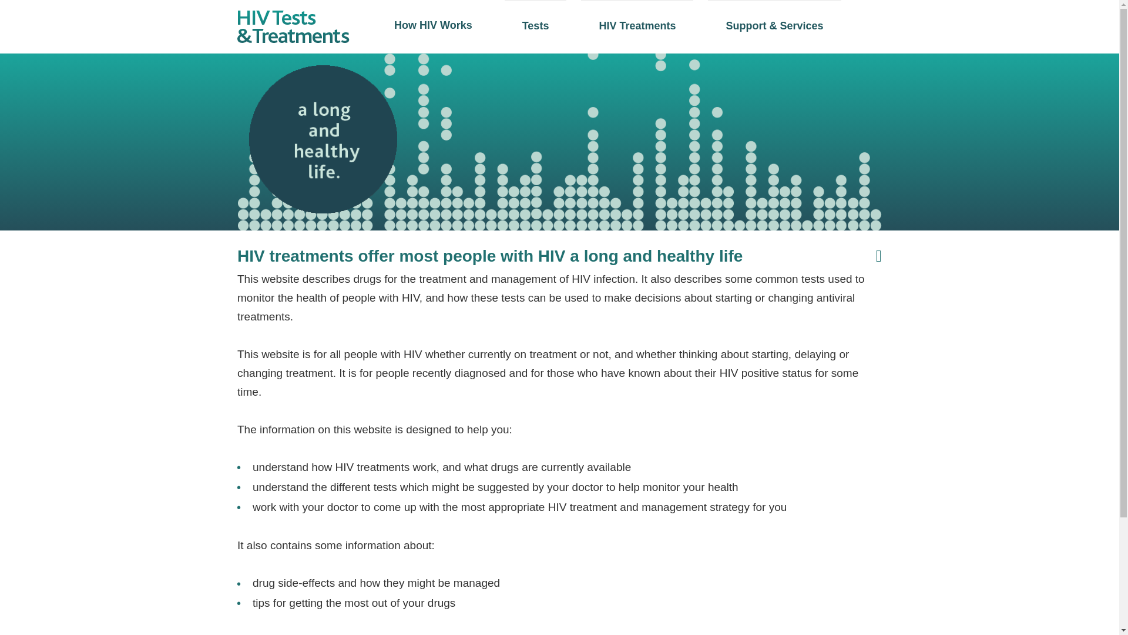 This screenshot has width=1128, height=635. Describe the element at coordinates (707, 25) in the screenshot. I see `'Support & Services'` at that location.